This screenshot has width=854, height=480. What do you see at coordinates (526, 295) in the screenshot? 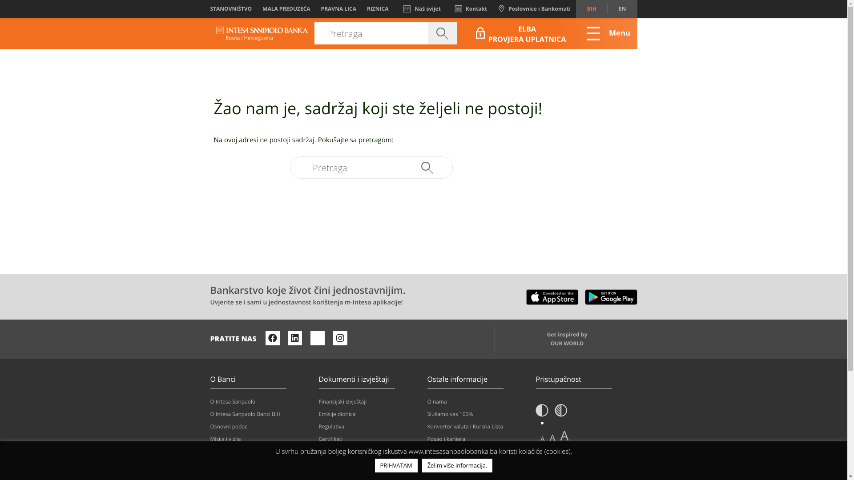
I see `'App store link'` at bounding box center [526, 295].